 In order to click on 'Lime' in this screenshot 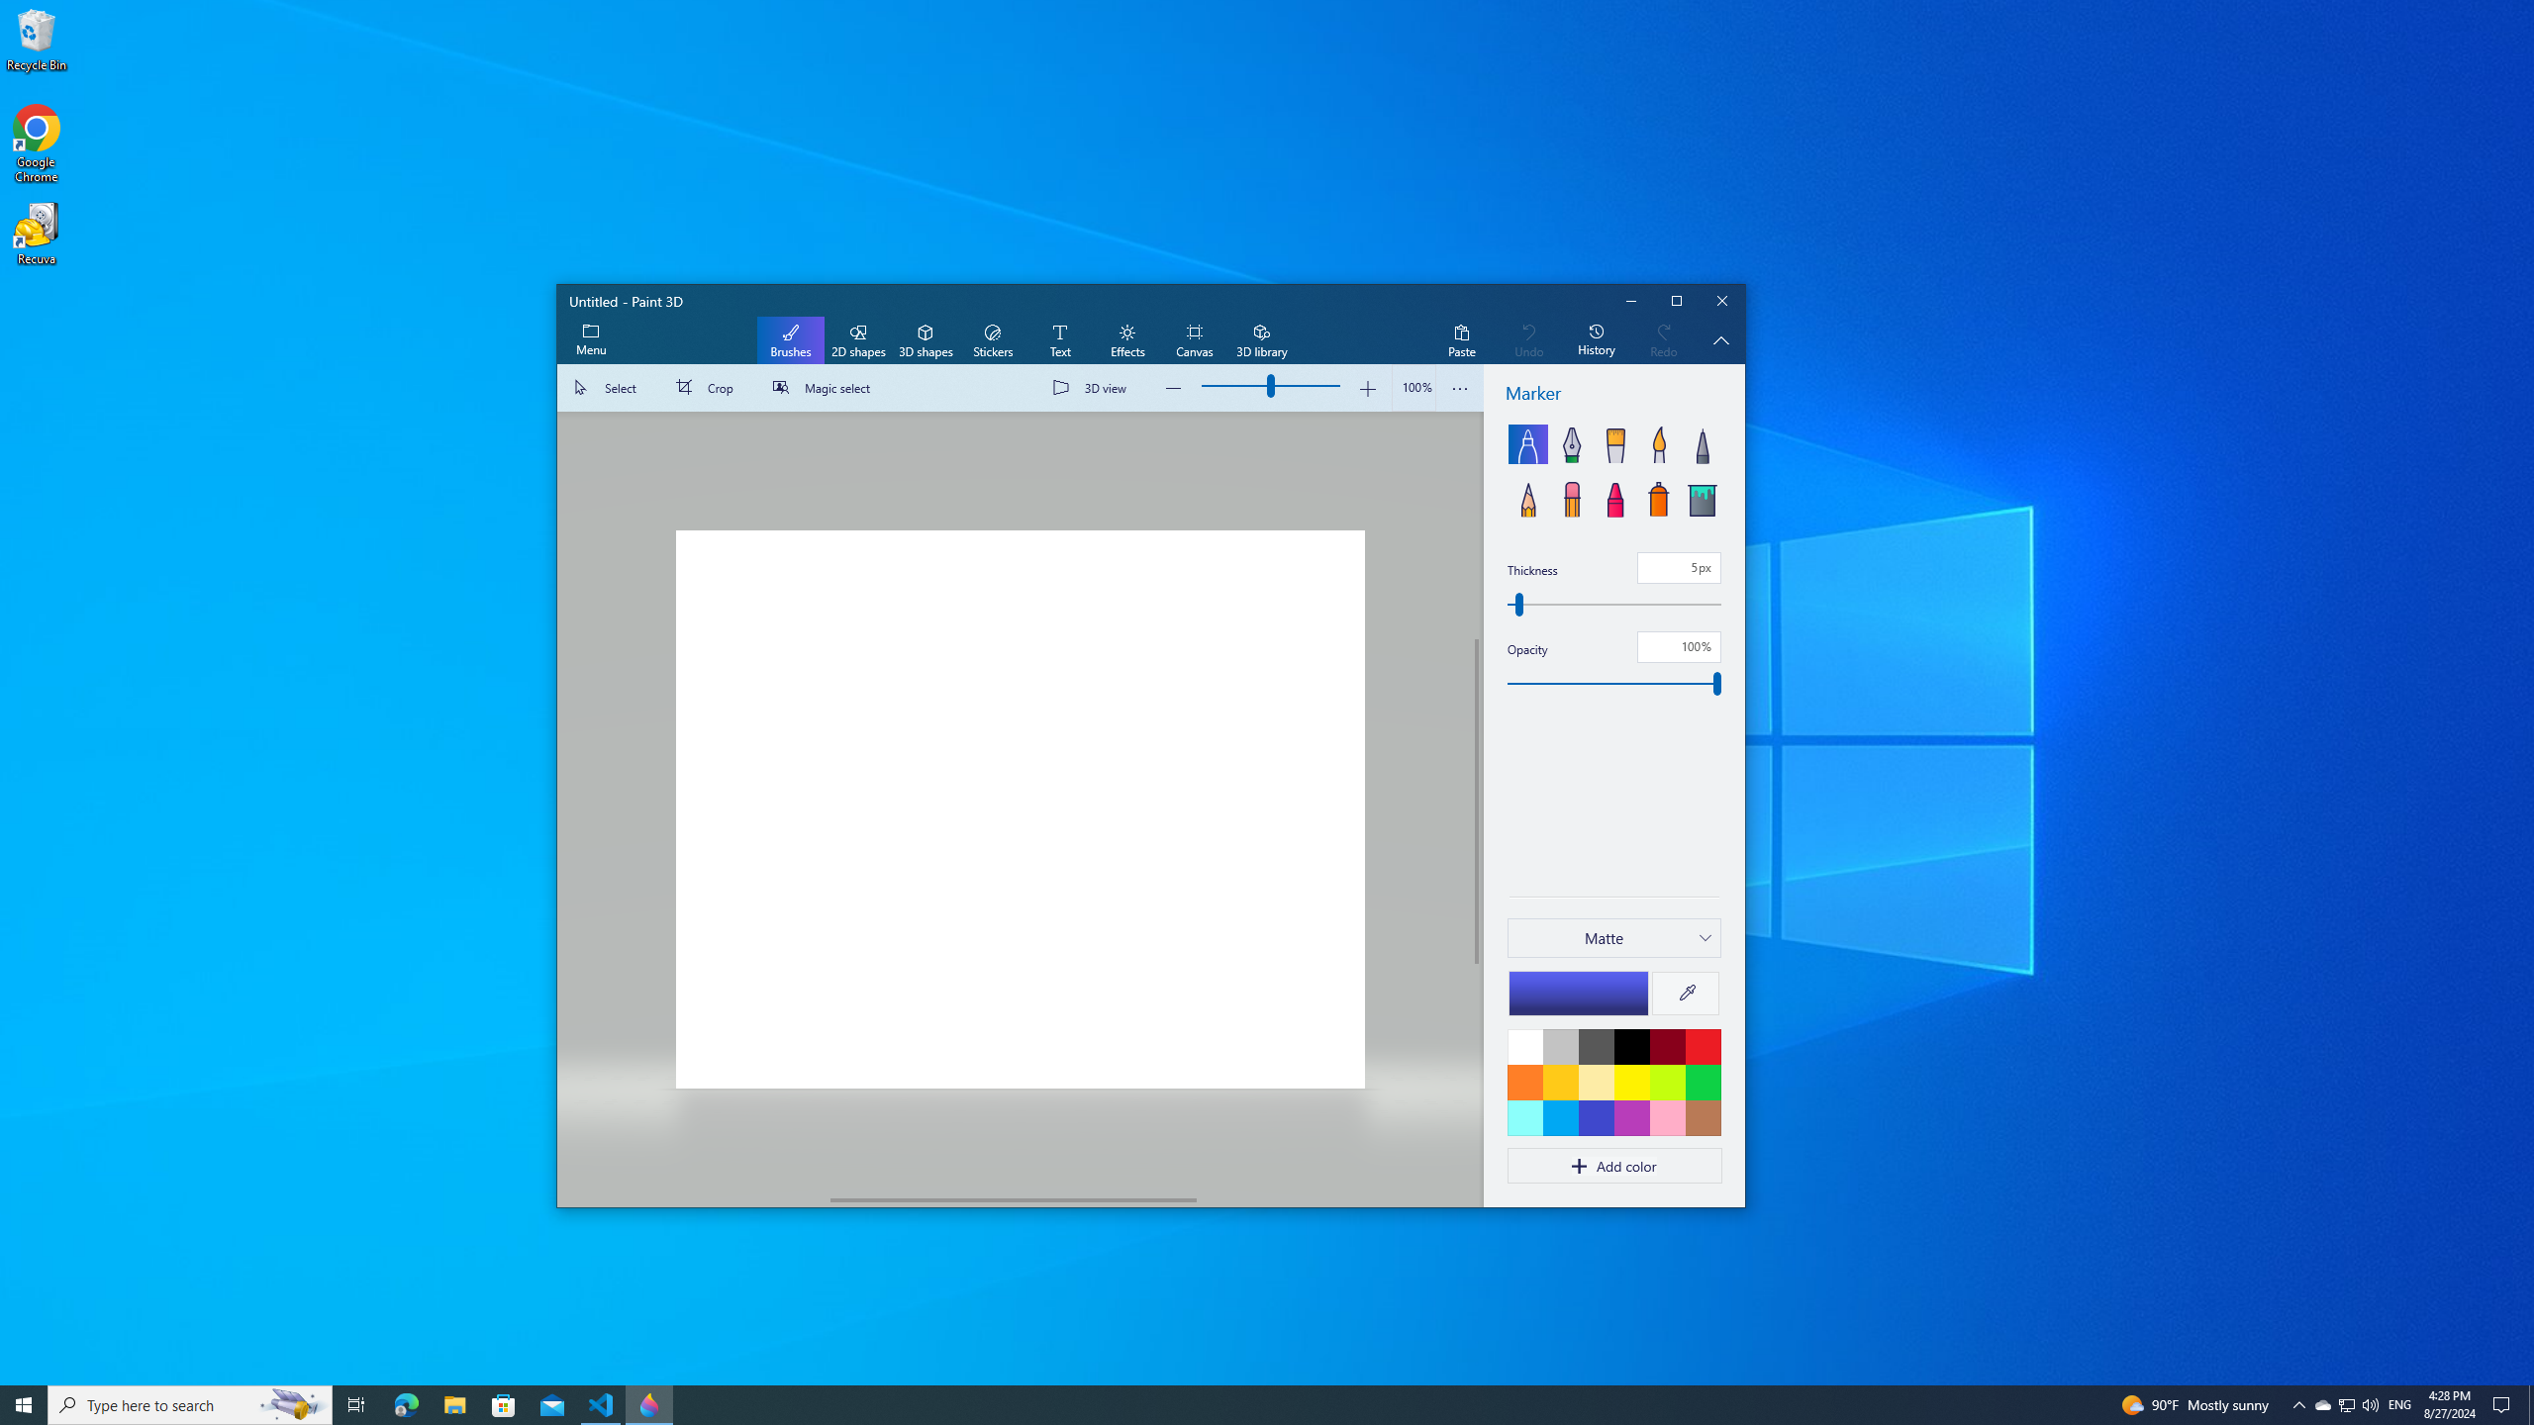, I will do `click(1666, 1081)`.